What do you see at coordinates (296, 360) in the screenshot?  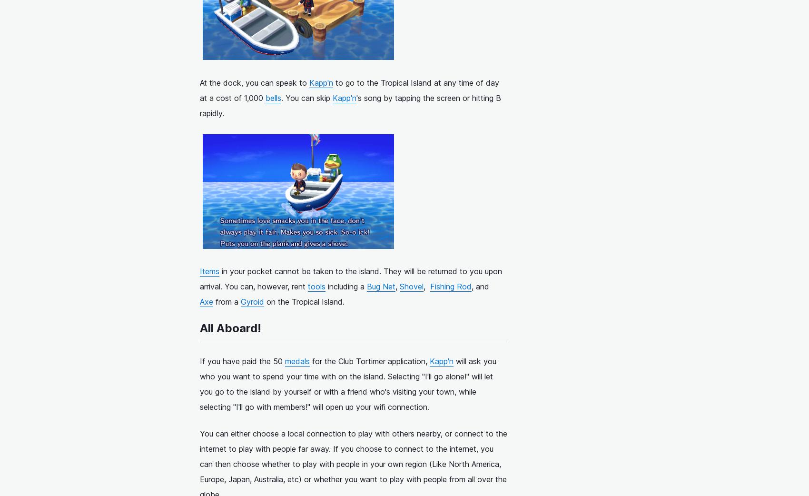 I see `'medals'` at bounding box center [296, 360].